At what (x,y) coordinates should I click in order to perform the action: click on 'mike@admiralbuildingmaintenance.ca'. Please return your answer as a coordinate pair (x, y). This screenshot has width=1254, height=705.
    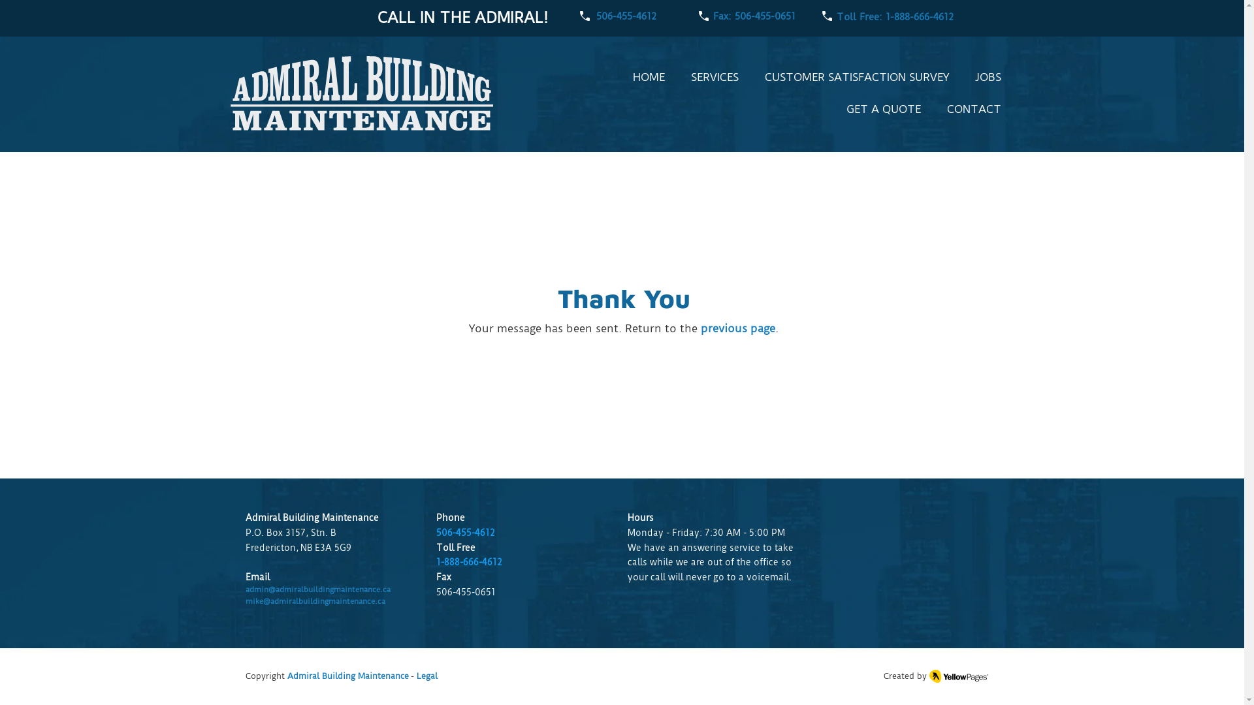
    Looking at the image, I should click on (315, 601).